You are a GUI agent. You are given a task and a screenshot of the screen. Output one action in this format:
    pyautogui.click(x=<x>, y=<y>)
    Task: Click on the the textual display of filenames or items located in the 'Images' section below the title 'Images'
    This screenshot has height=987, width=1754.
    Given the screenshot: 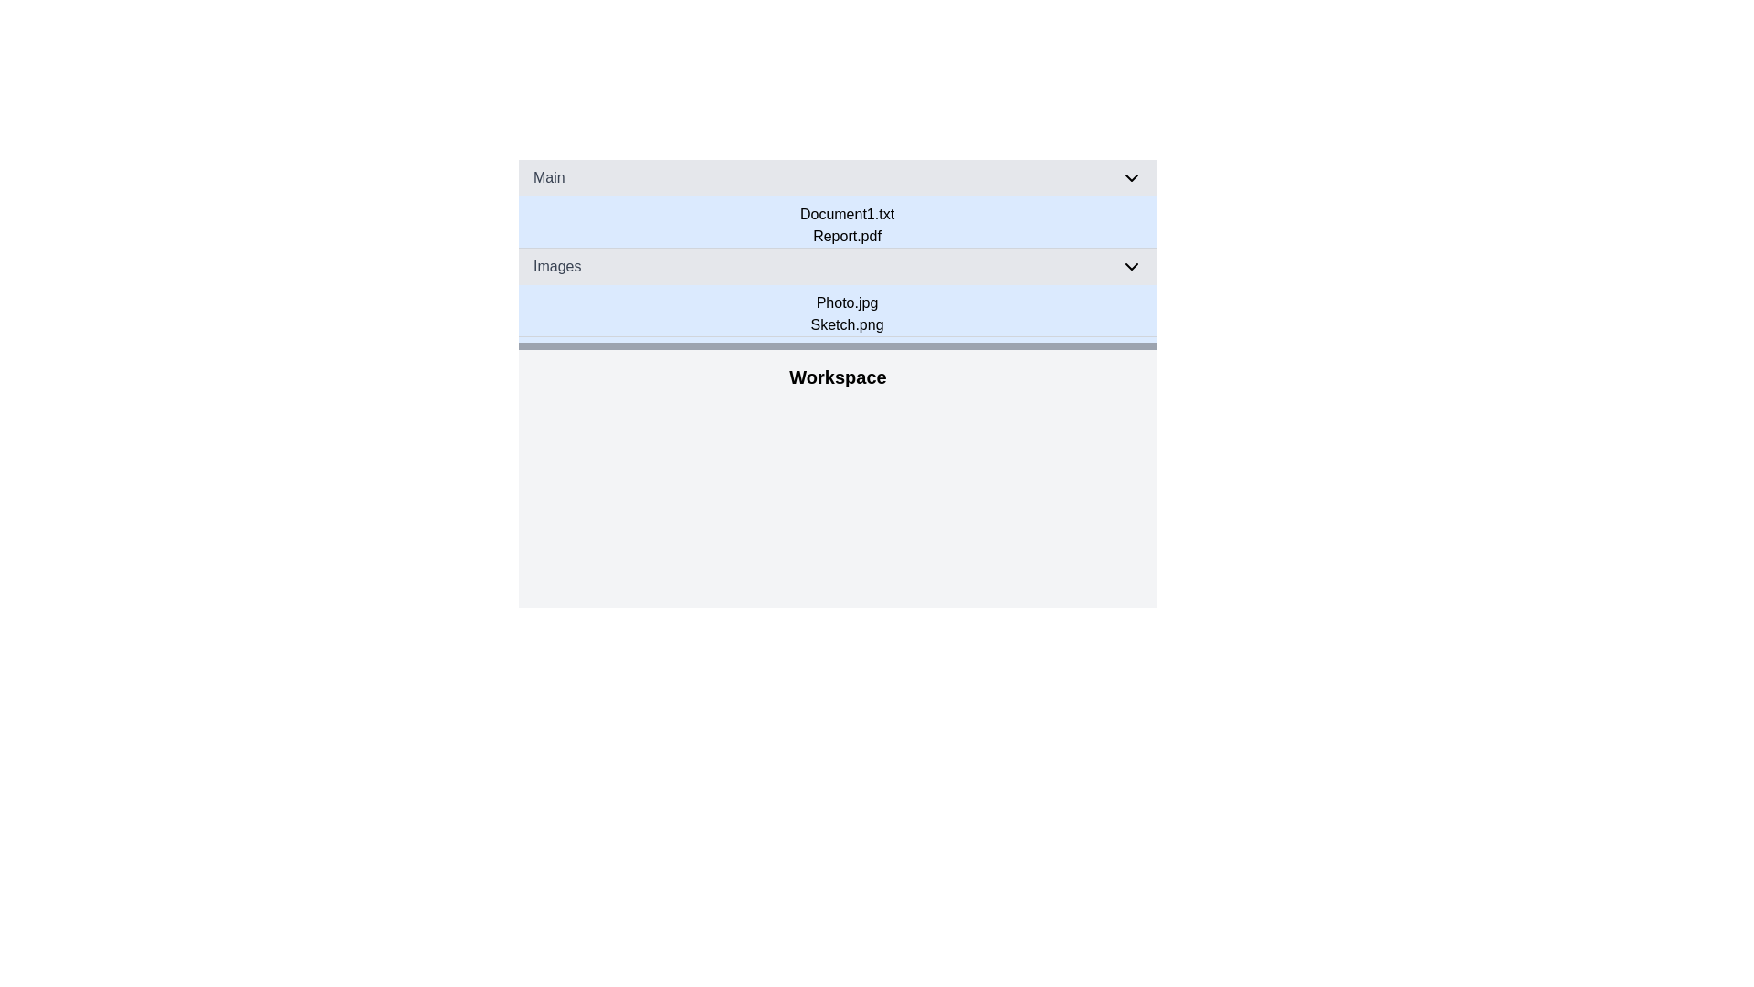 What is the action you would take?
    pyautogui.click(x=846, y=313)
    